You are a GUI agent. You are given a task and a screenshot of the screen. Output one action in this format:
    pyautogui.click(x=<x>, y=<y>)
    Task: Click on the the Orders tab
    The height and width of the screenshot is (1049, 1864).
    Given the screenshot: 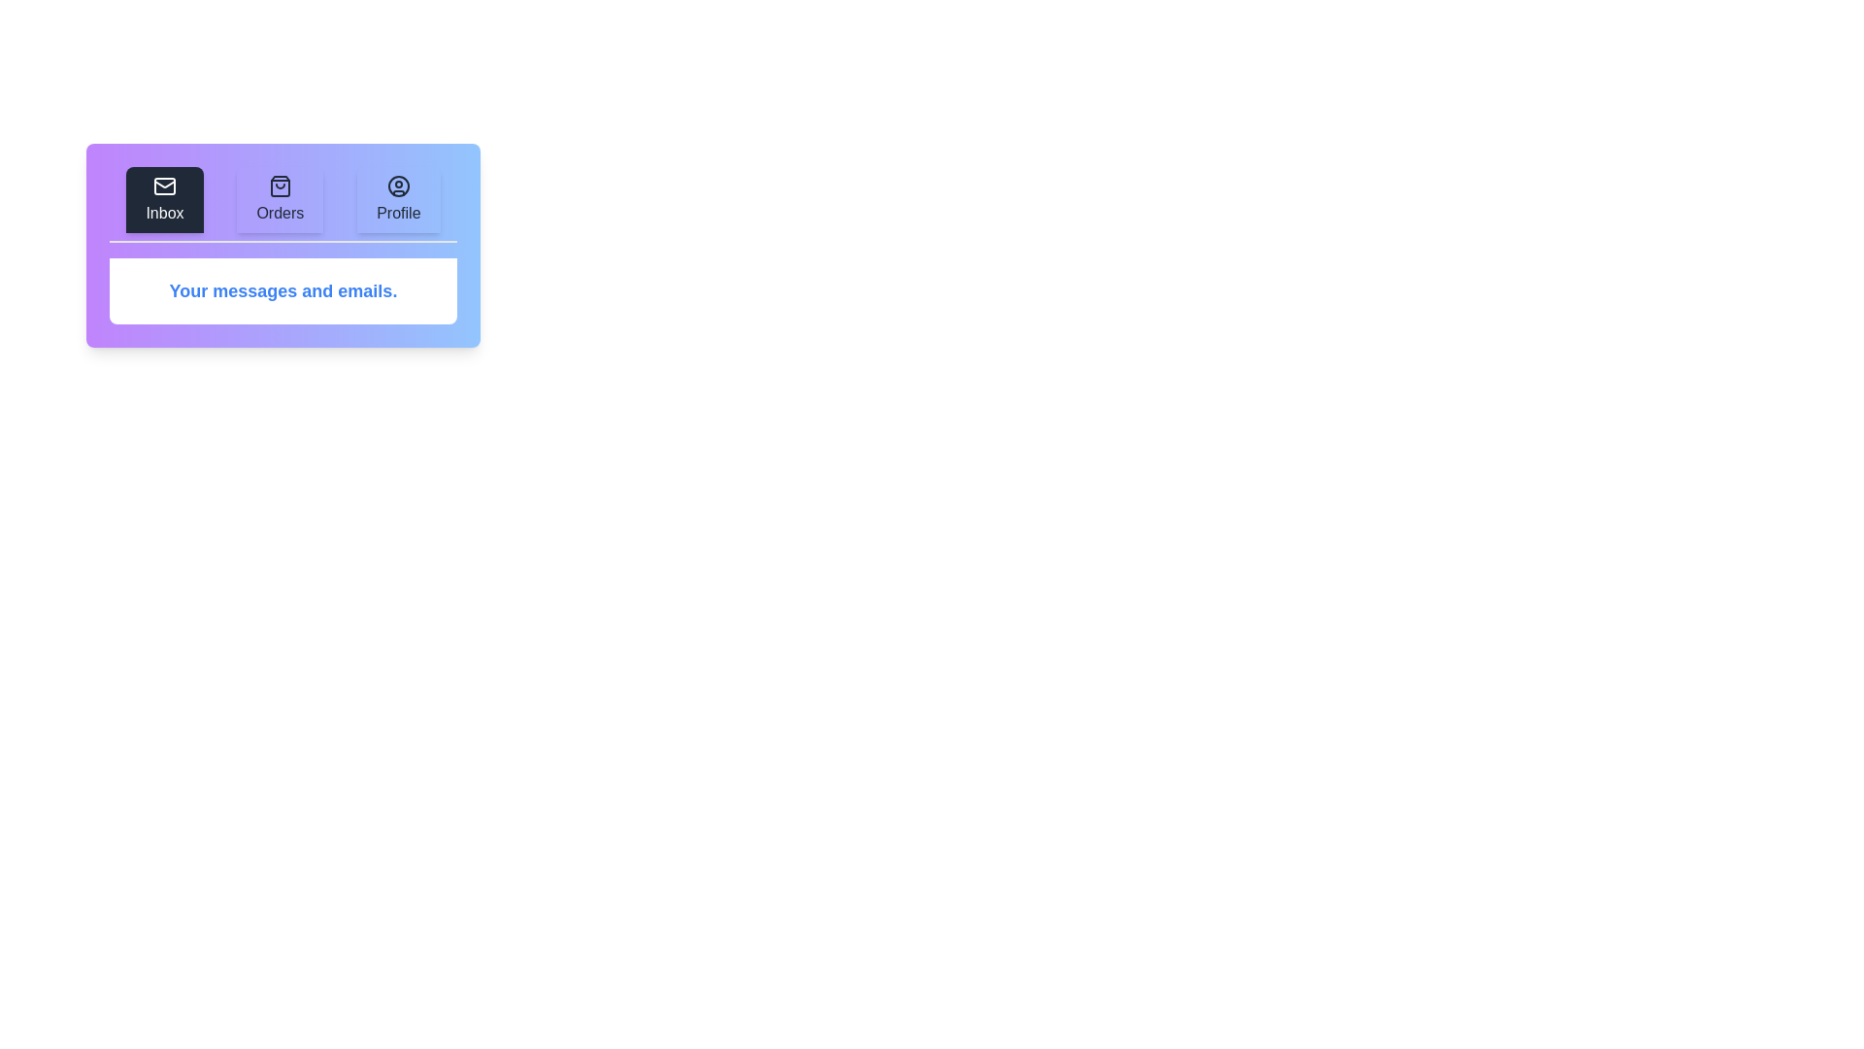 What is the action you would take?
    pyautogui.click(x=279, y=199)
    